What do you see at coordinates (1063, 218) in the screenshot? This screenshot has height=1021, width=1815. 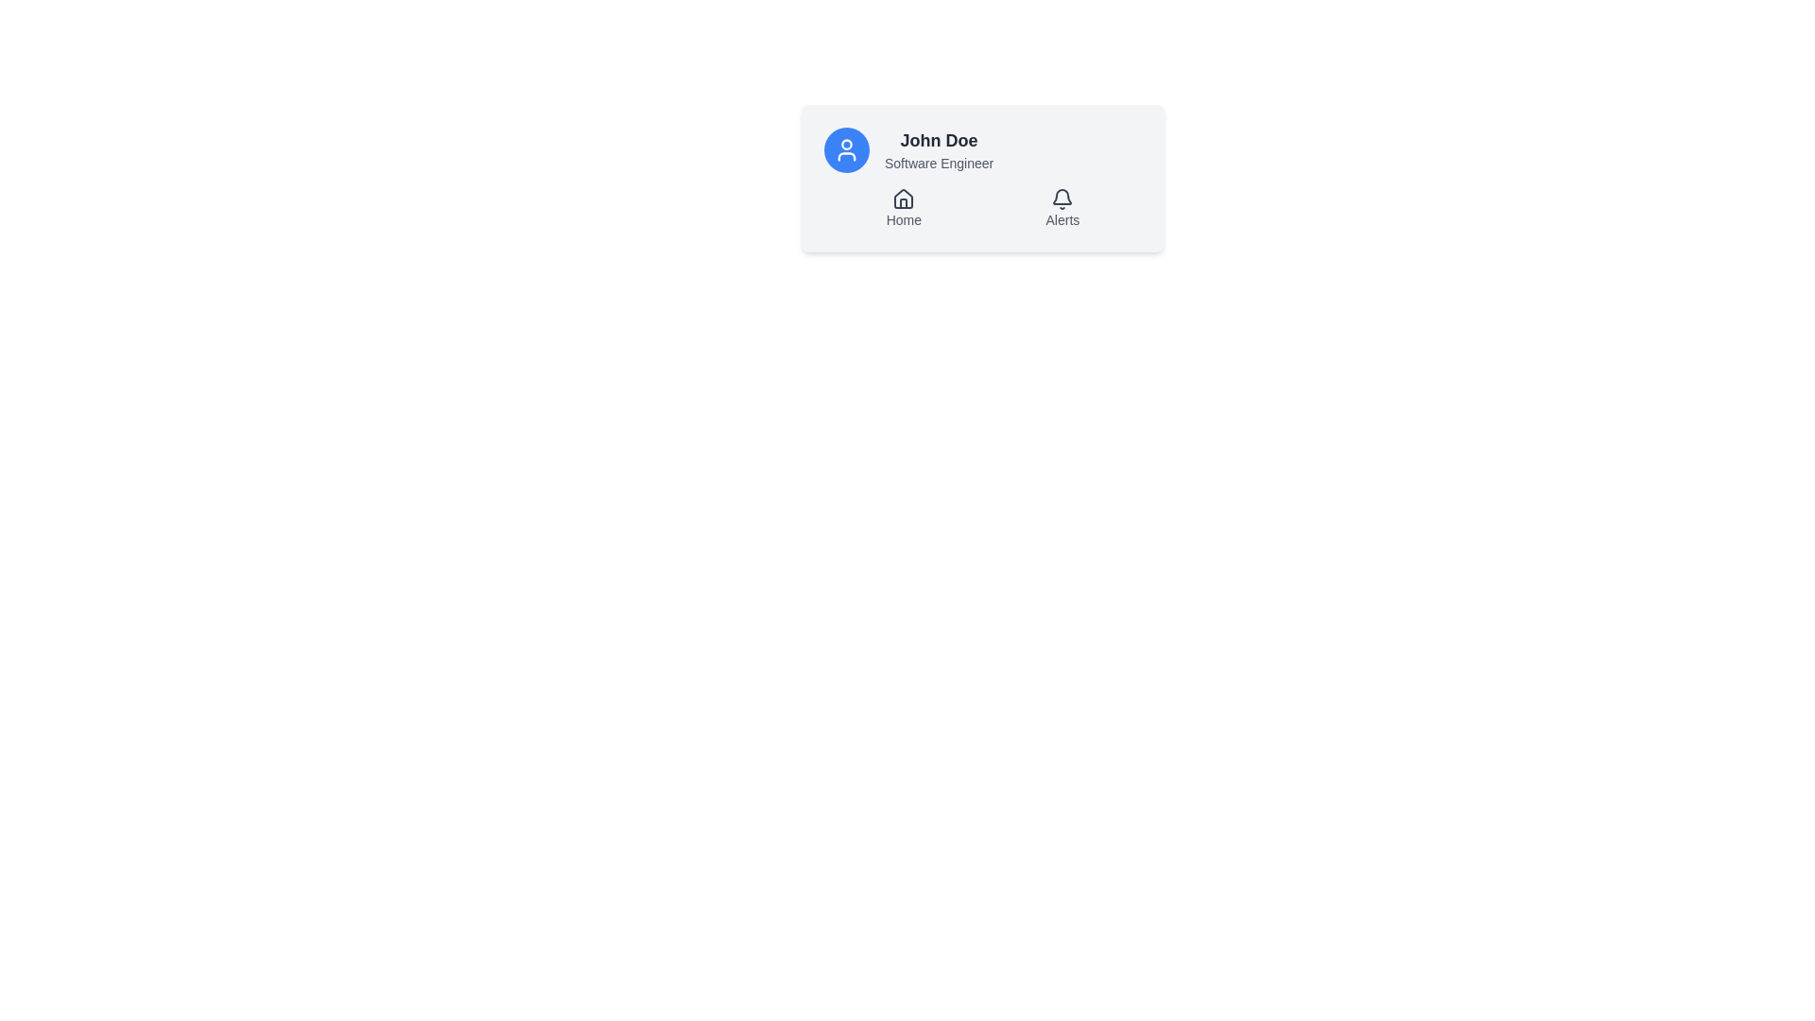 I see `the 'Alerts' text label, which is styled with a smaller font size and light gray color, located below a bell icon in a user information card` at bounding box center [1063, 218].